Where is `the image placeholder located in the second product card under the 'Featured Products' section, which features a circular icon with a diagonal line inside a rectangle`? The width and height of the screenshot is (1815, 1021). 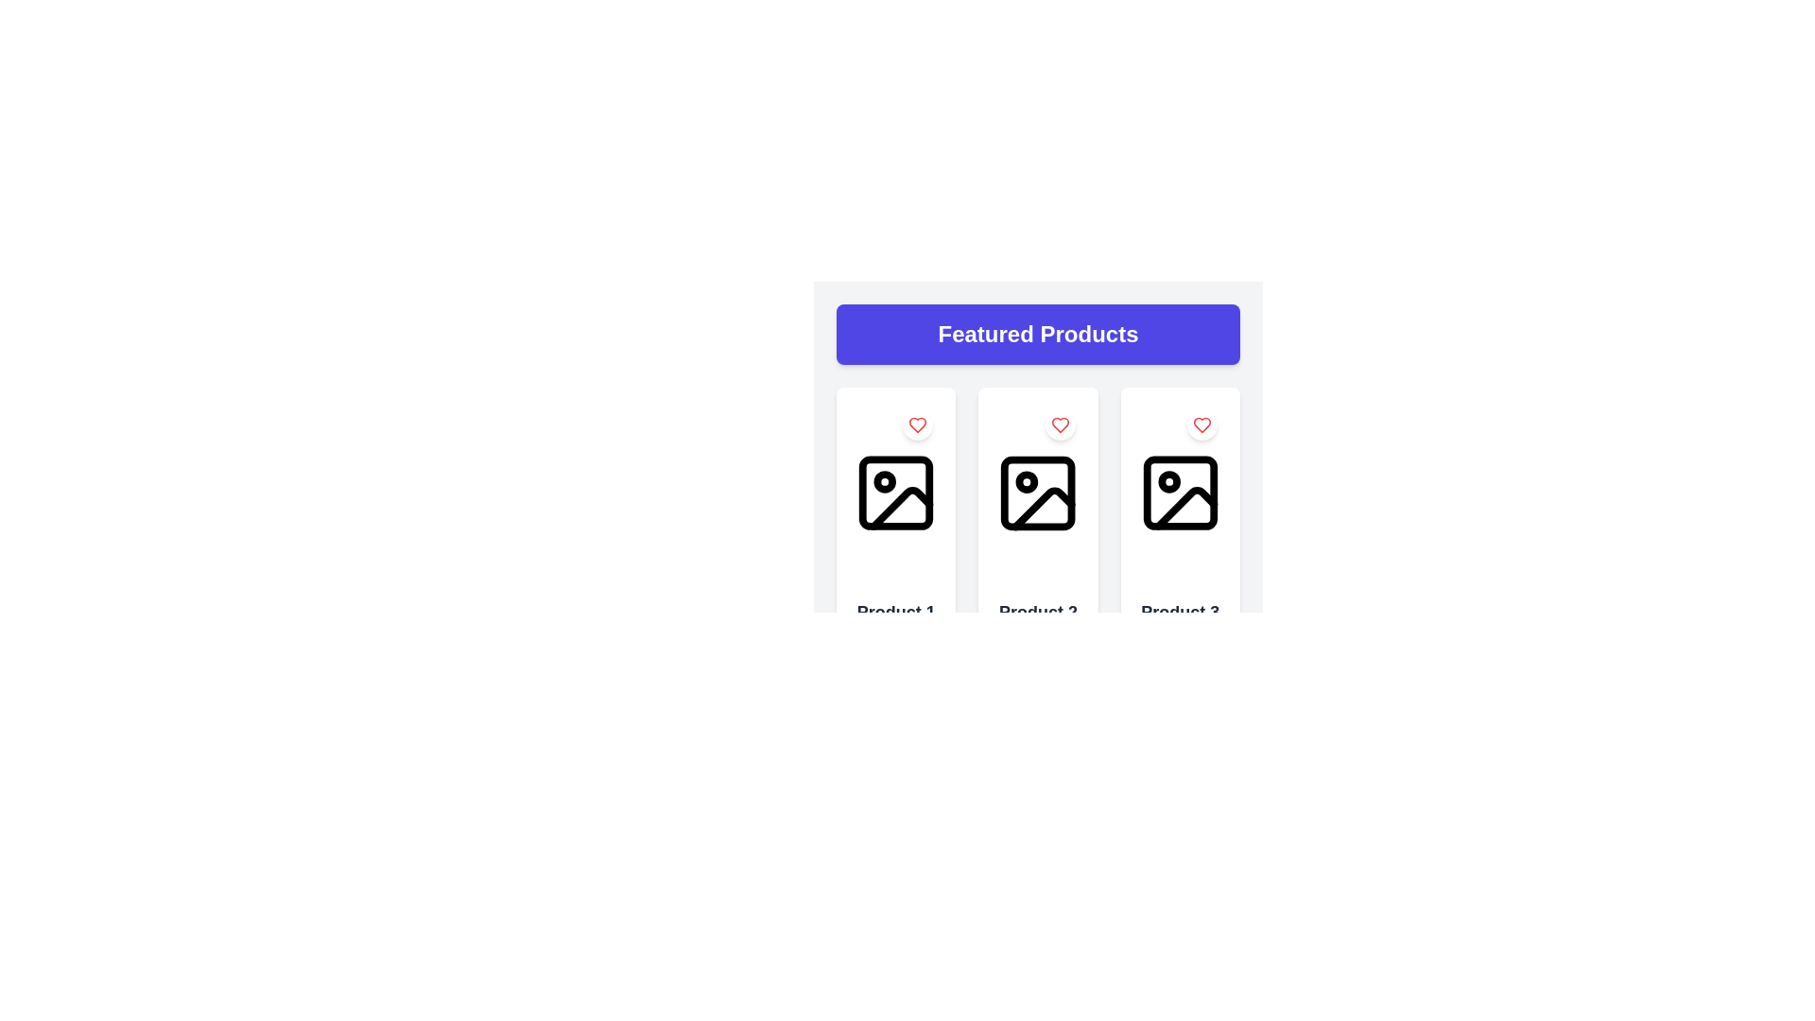 the image placeholder located in the second product card under the 'Featured Products' section, which features a circular icon with a diagonal line inside a rectangle is located at coordinates (1037, 492).